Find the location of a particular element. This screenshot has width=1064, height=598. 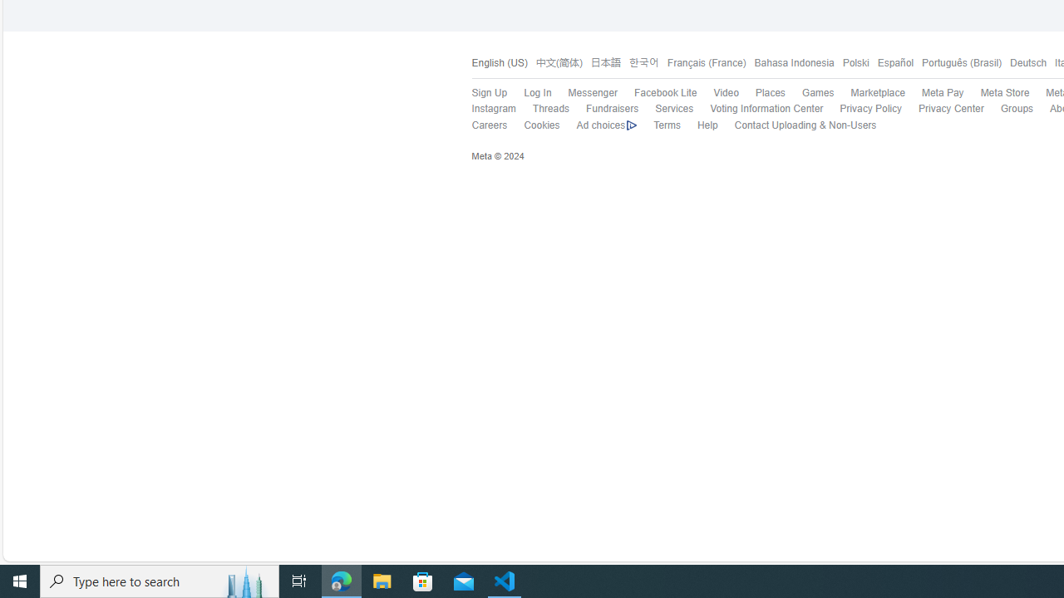

'Facebook Lite' is located at coordinates (656, 94).